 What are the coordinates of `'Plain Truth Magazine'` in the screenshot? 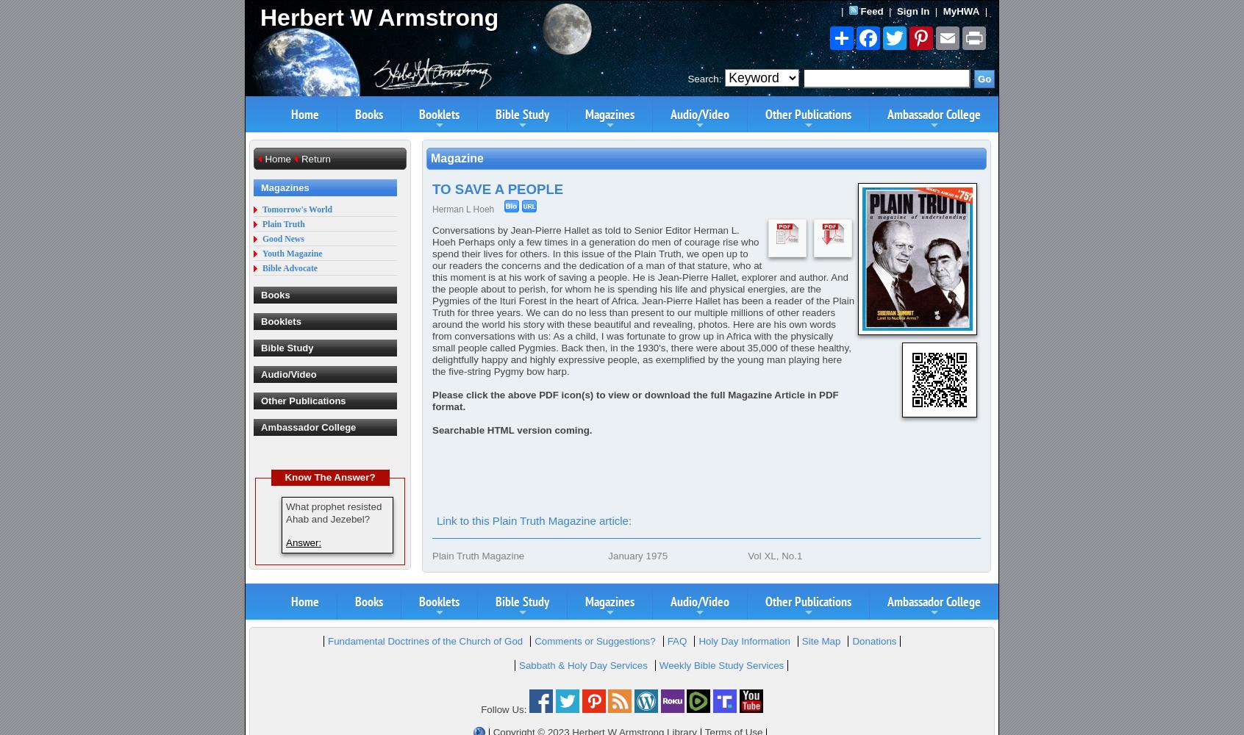 It's located at (478, 556).